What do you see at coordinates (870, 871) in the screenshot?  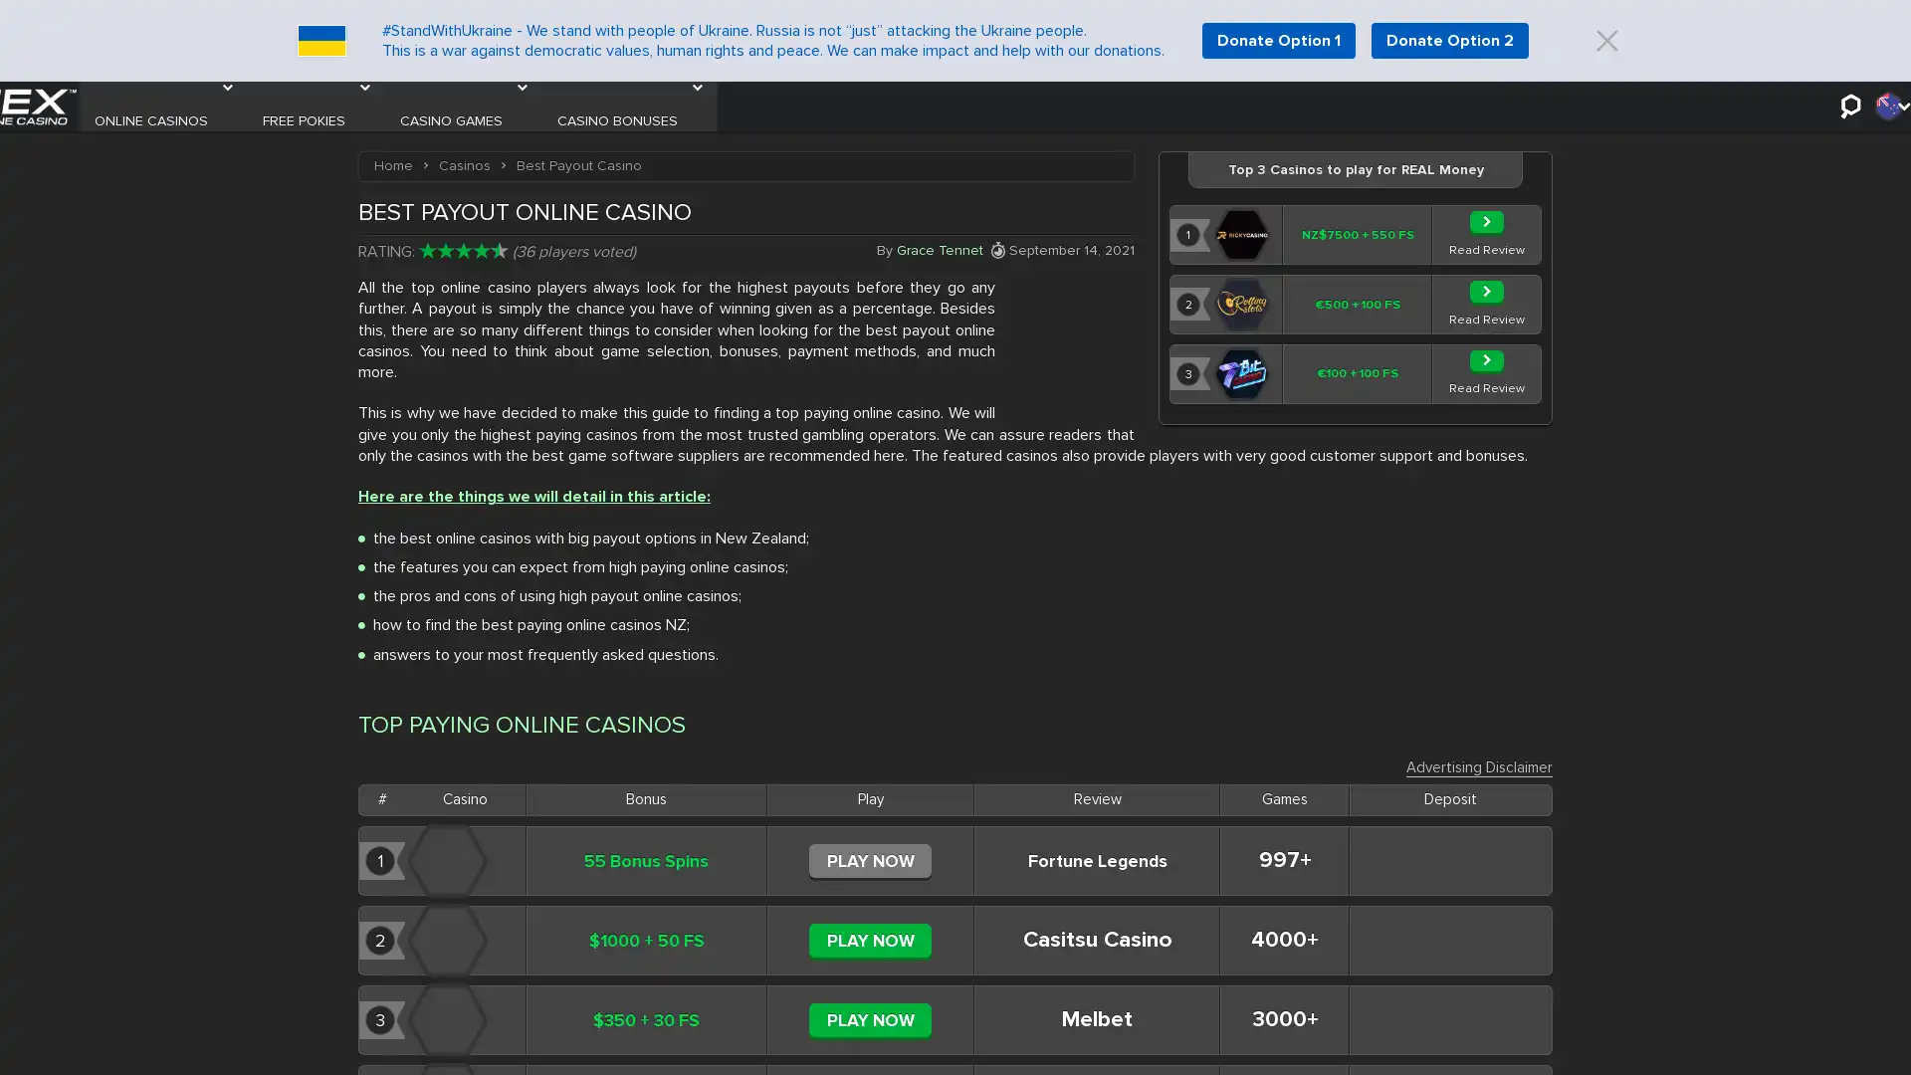 I see `PLAY NOW` at bounding box center [870, 871].